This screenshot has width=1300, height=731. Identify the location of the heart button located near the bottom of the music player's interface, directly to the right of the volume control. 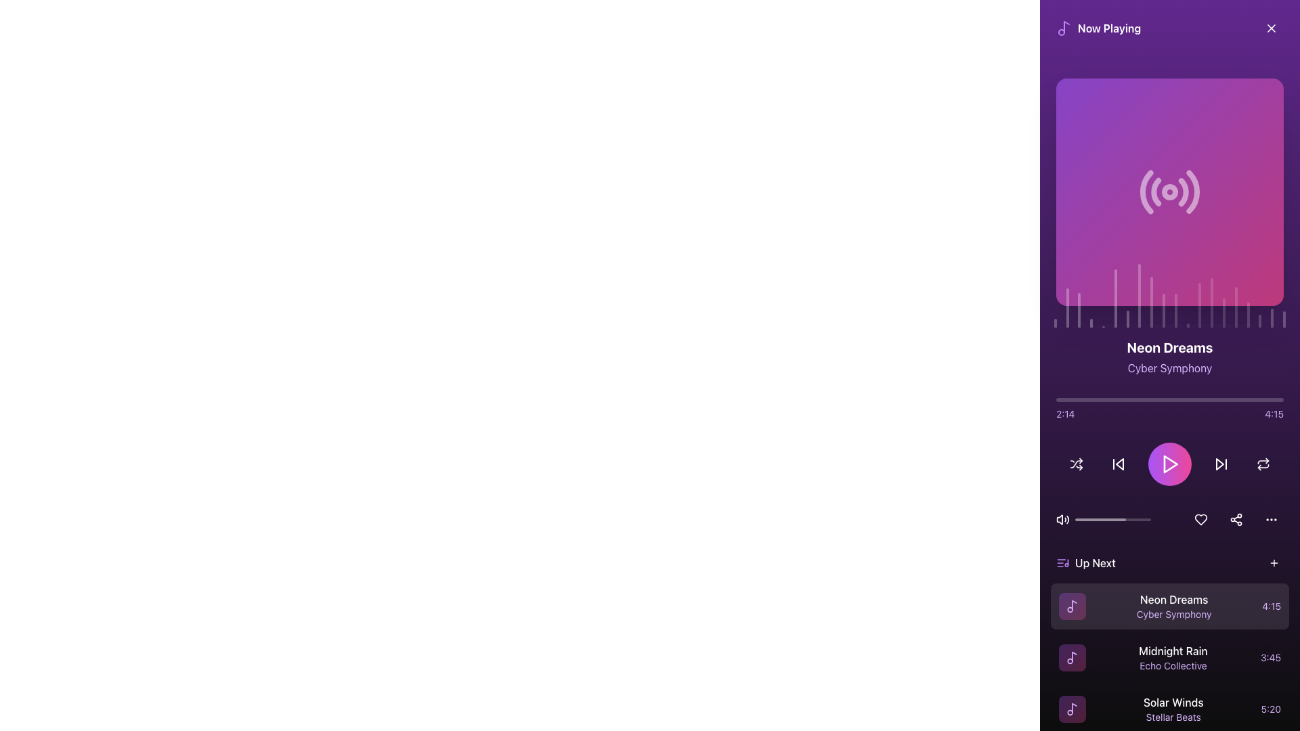
(1201, 518).